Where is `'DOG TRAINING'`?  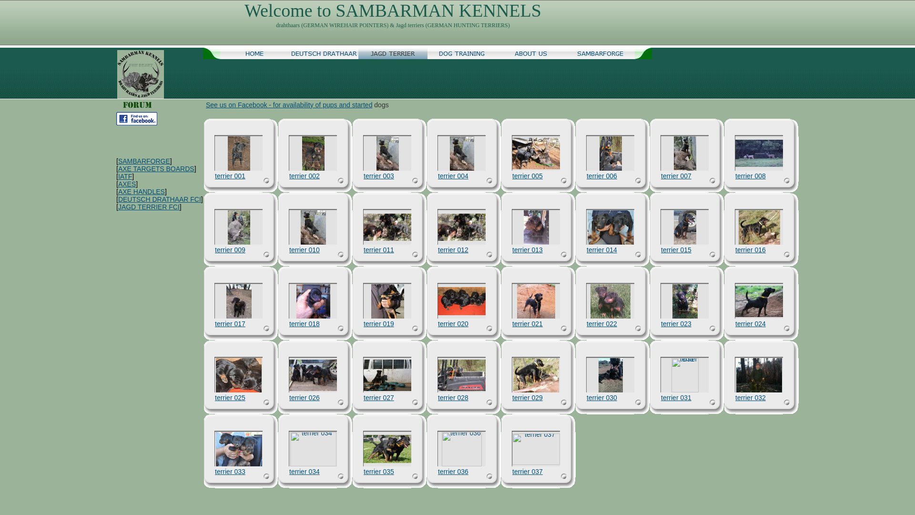
'DOG TRAINING' is located at coordinates (462, 53).